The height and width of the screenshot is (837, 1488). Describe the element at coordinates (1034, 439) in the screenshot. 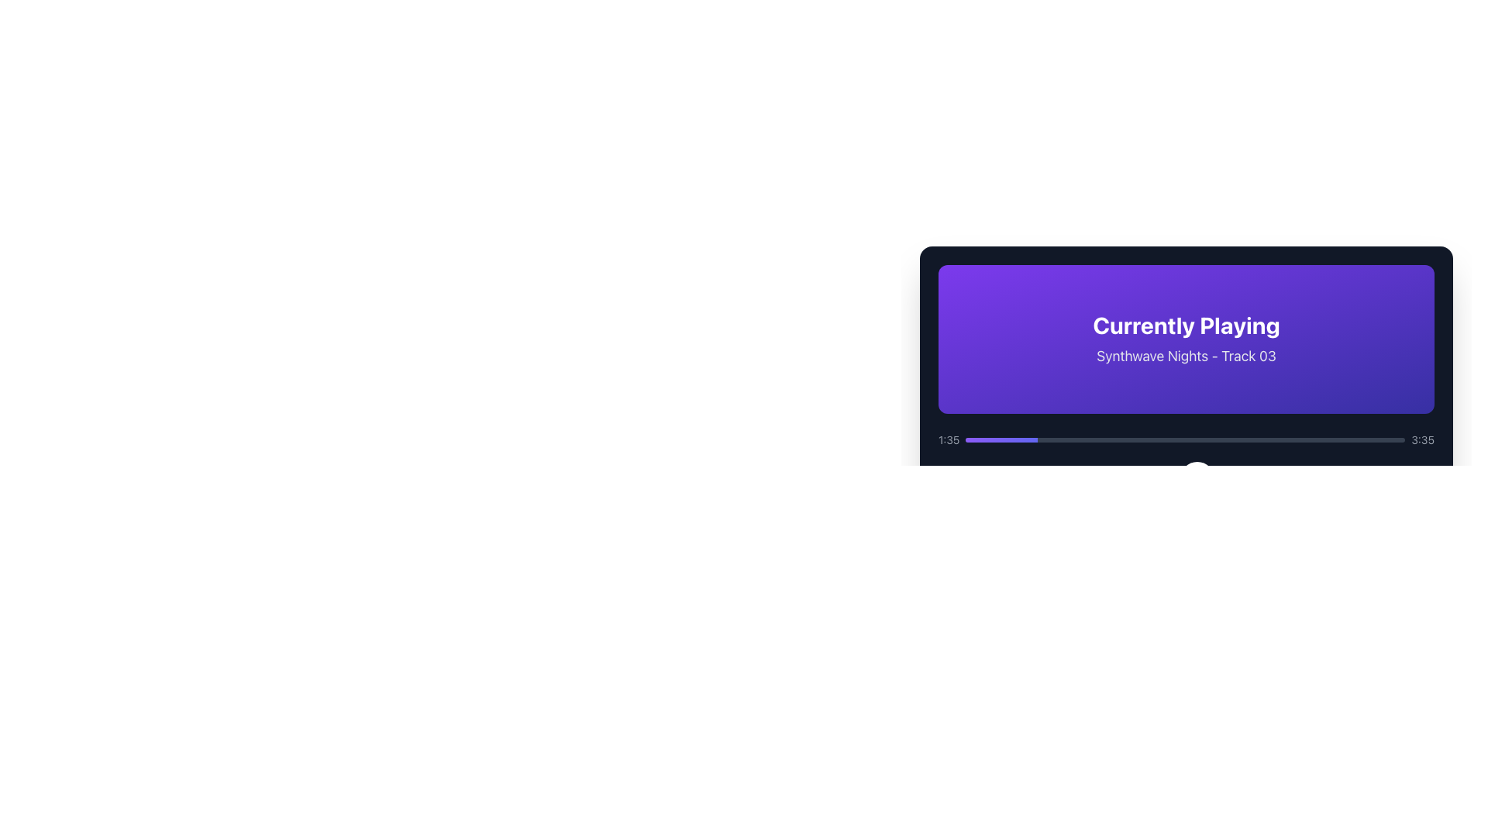

I see `the playback position` at that location.